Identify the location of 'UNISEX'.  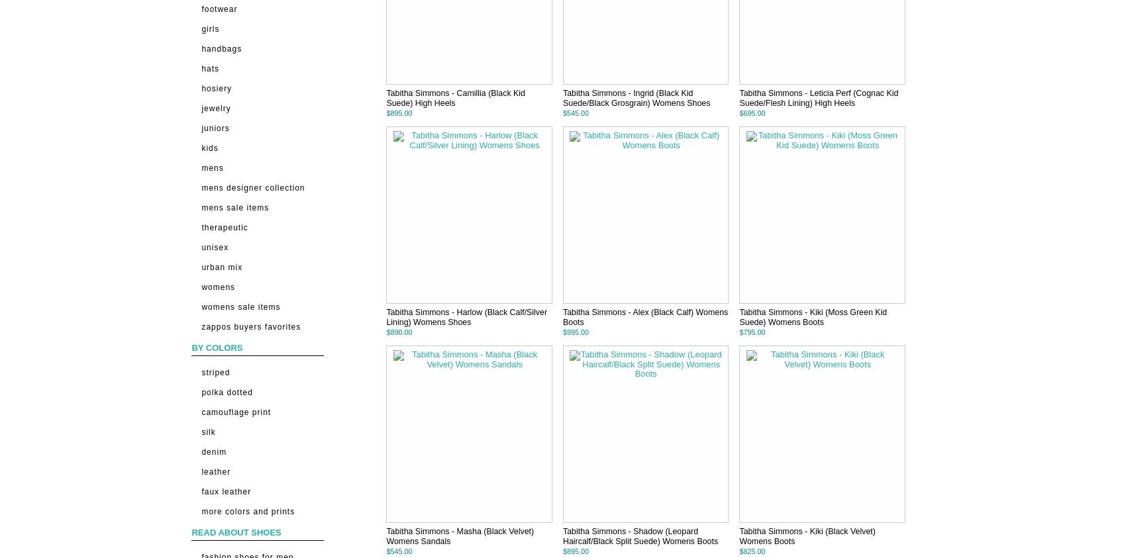
(201, 246).